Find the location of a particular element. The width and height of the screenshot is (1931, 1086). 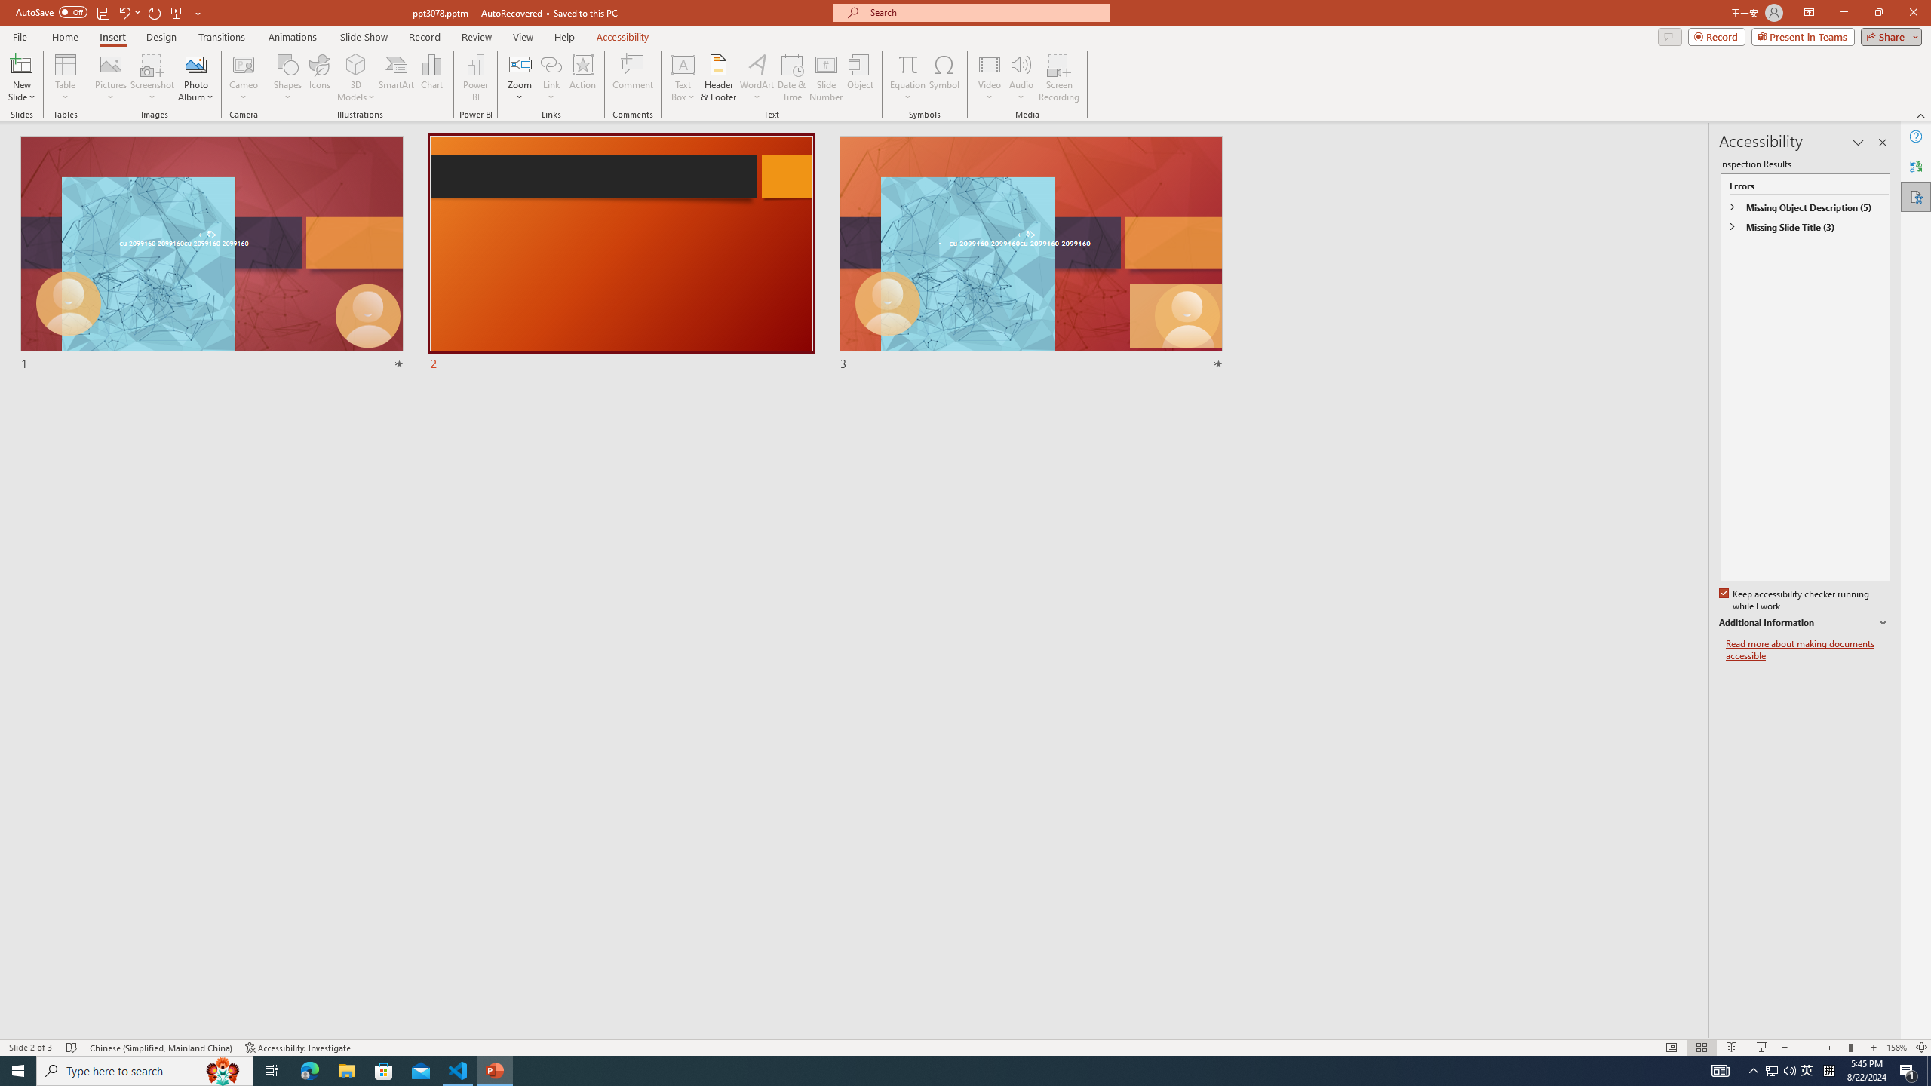

'Draw Horizontal Text Box' is located at coordinates (683, 63).